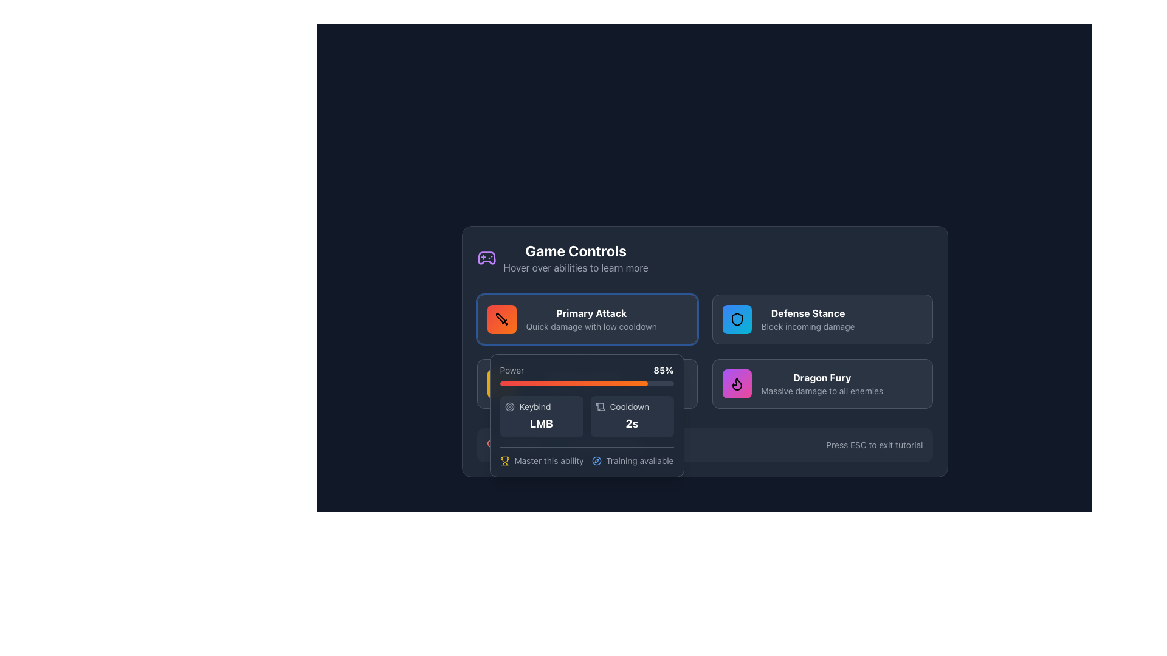 Image resolution: width=1167 pixels, height=656 pixels. What do you see at coordinates (587, 384) in the screenshot?
I see `the value displayed on the Progress Bar which shows '85%'` at bounding box center [587, 384].